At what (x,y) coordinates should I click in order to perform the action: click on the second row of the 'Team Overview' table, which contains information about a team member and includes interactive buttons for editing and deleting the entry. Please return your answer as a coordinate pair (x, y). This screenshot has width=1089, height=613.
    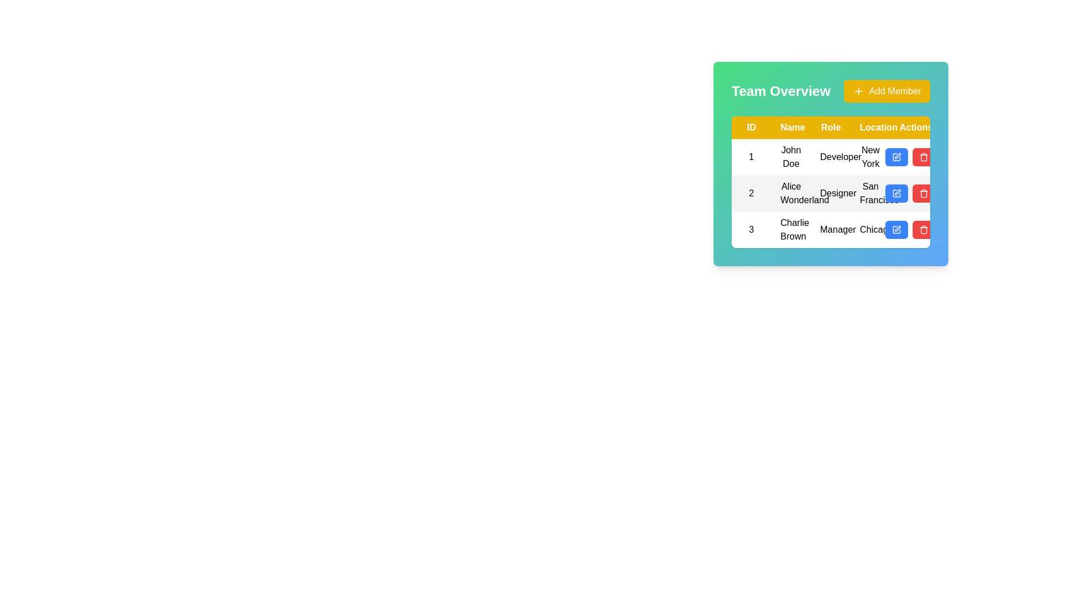
    Looking at the image, I should click on (830, 192).